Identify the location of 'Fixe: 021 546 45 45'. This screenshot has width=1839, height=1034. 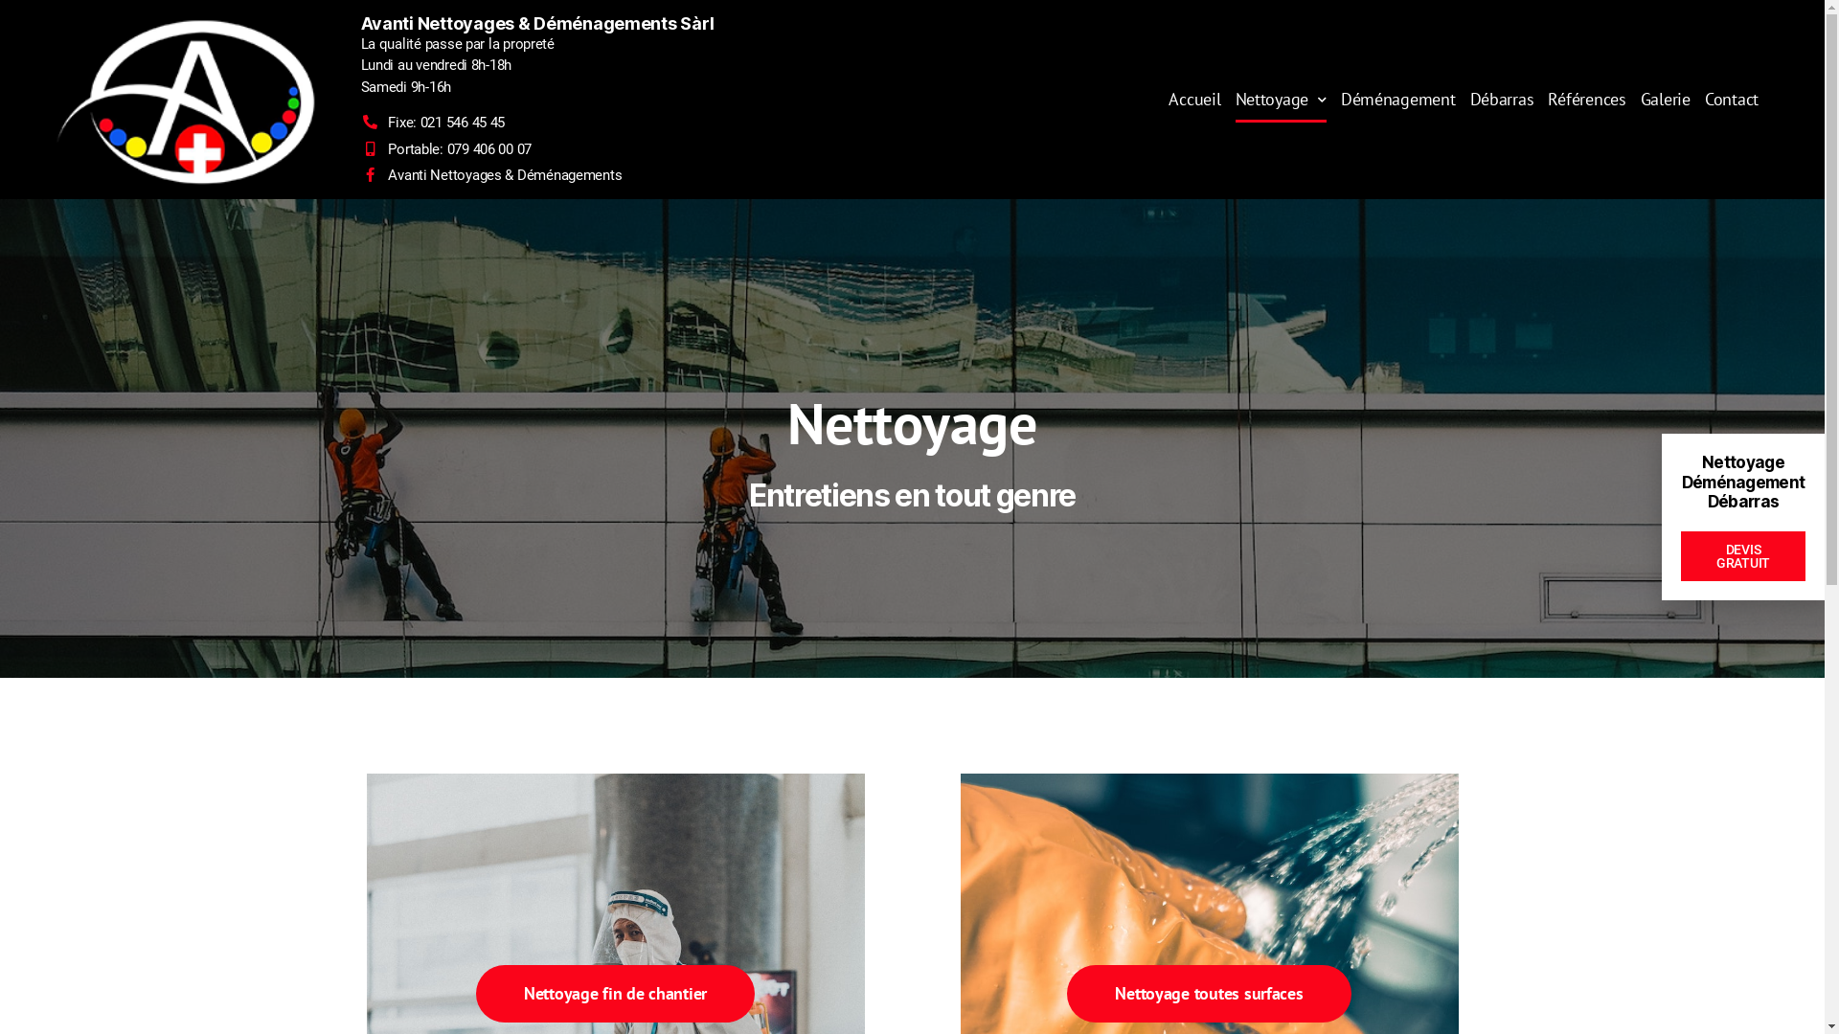
(641, 123).